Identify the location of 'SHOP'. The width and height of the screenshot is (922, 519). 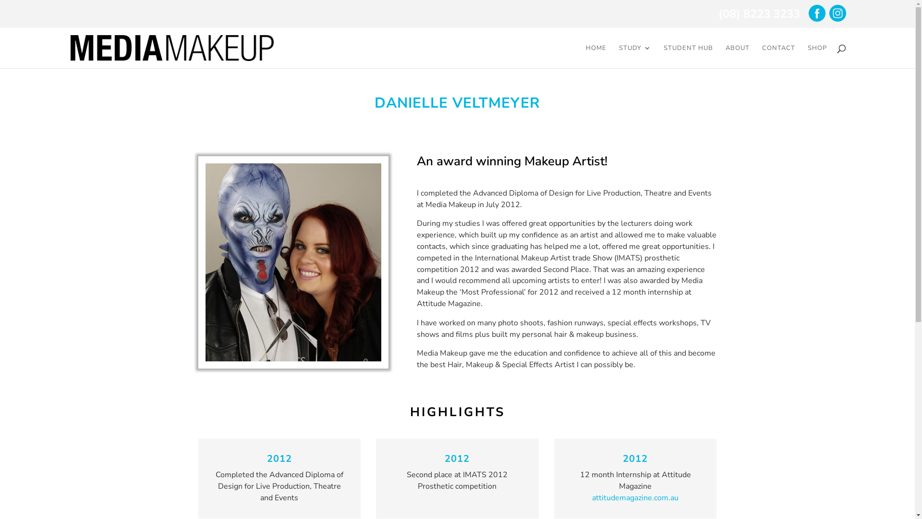
(817, 56).